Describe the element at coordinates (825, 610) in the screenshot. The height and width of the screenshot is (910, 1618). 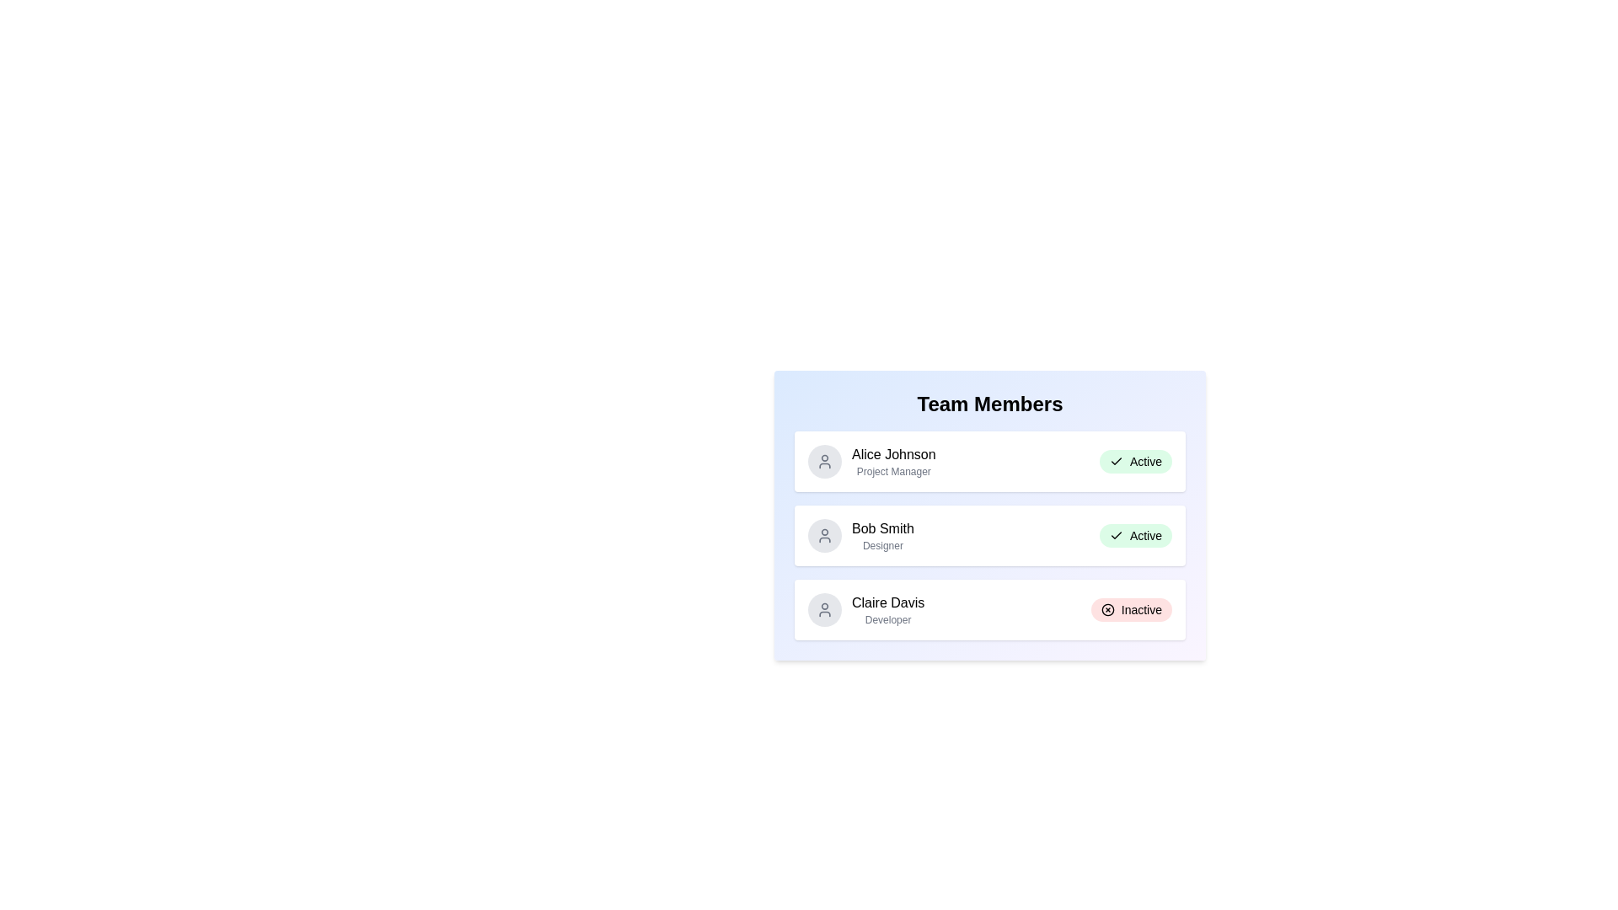
I see `the avatar placeholder for Claire Davis` at that location.